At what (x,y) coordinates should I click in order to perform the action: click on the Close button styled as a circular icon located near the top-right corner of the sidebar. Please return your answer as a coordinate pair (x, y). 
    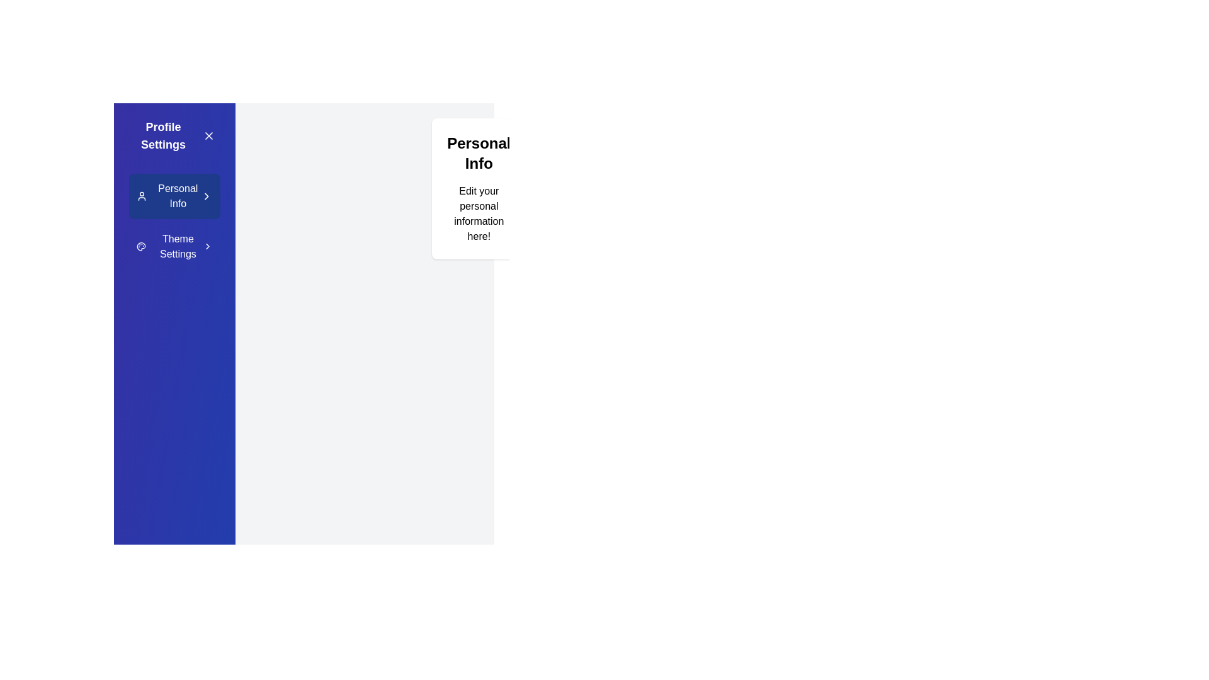
    Looking at the image, I should click on (209, 136).